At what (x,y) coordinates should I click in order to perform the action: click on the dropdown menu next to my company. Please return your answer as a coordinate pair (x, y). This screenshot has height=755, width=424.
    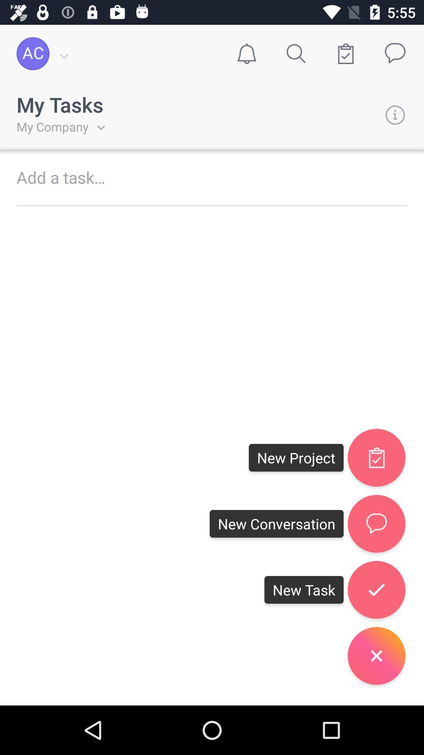
    Looking at the image, I should click on (96, 127).